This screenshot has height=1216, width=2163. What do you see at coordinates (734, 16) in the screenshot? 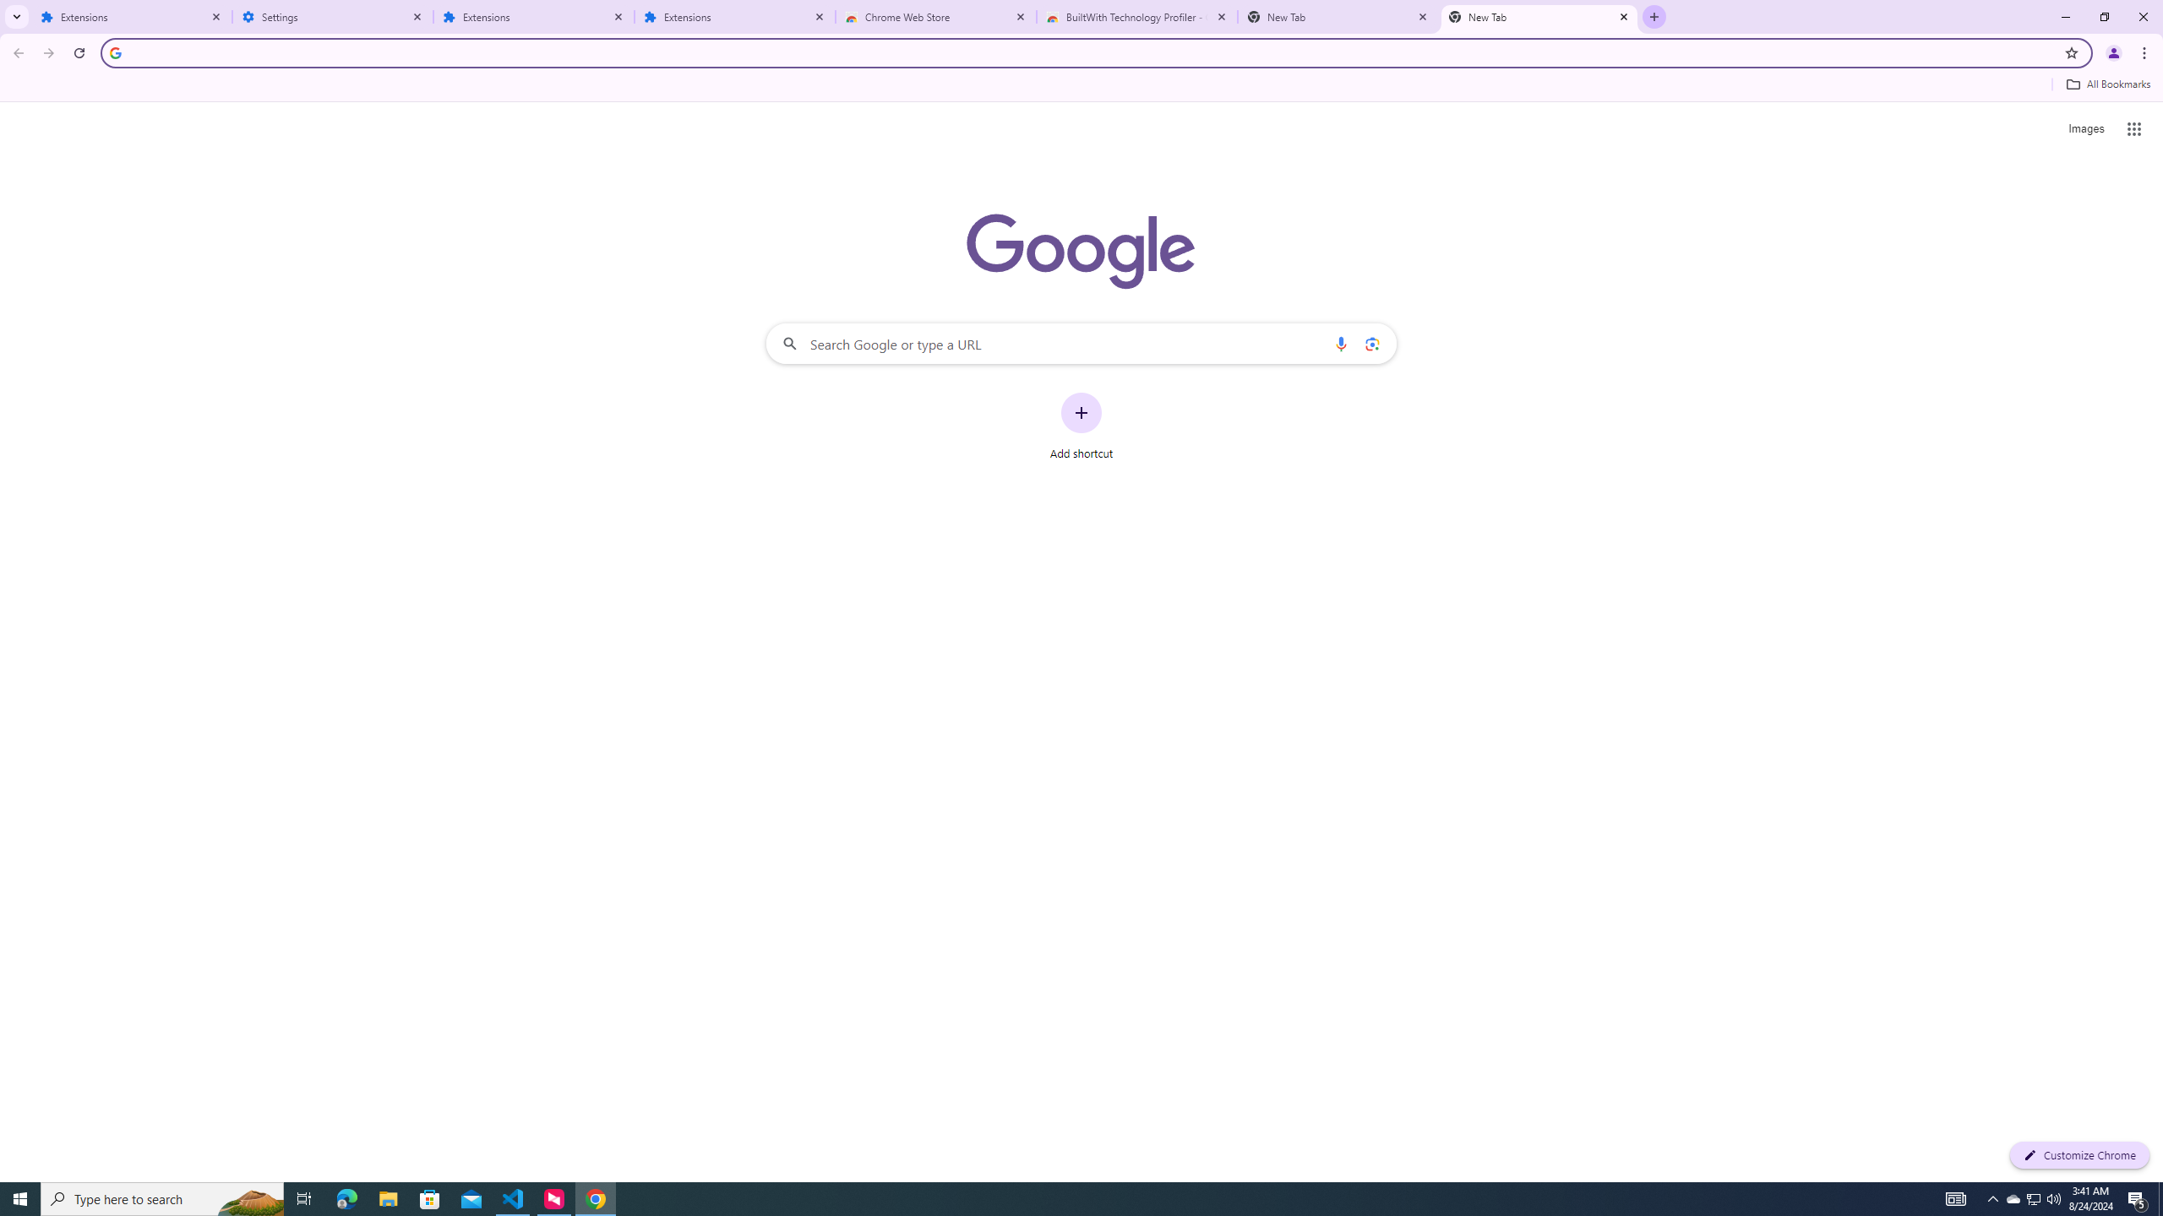
I see `'Extensions'` at bounding box center [734, 16].